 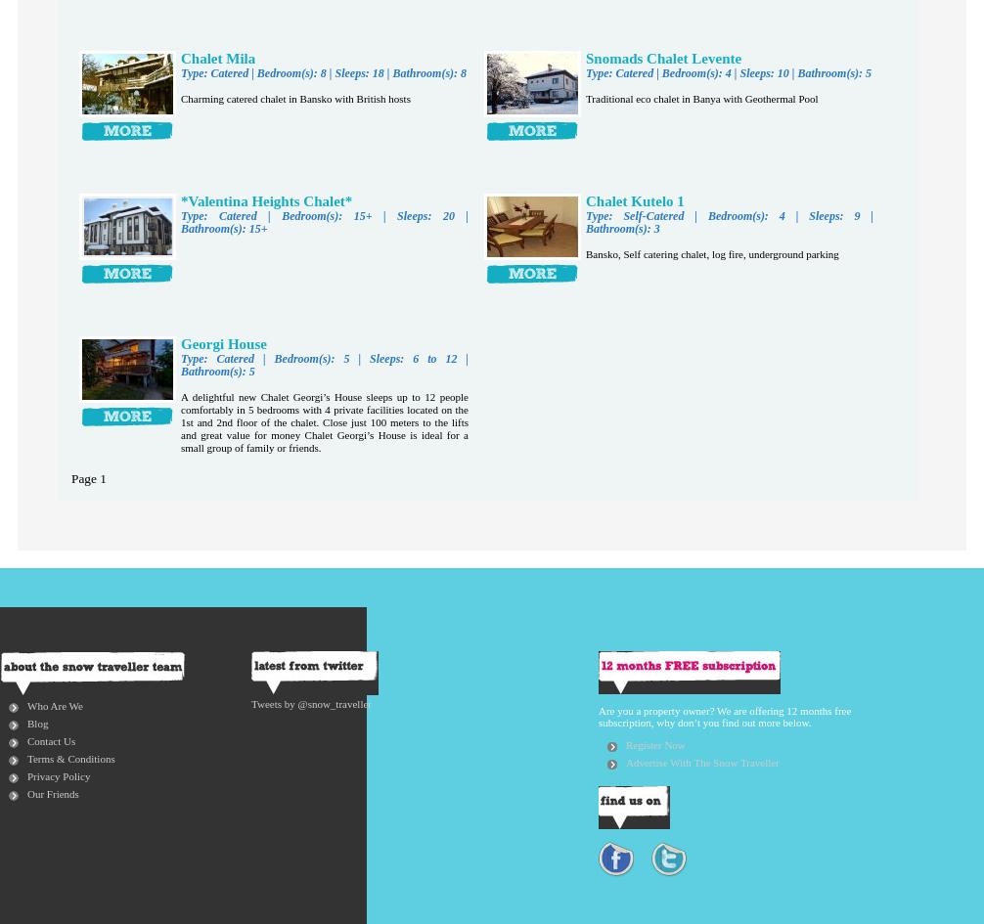 What do you see at coordinates (37, 722) in the screenshot?
I see `'Blog'` at bounding box center [37, 722].